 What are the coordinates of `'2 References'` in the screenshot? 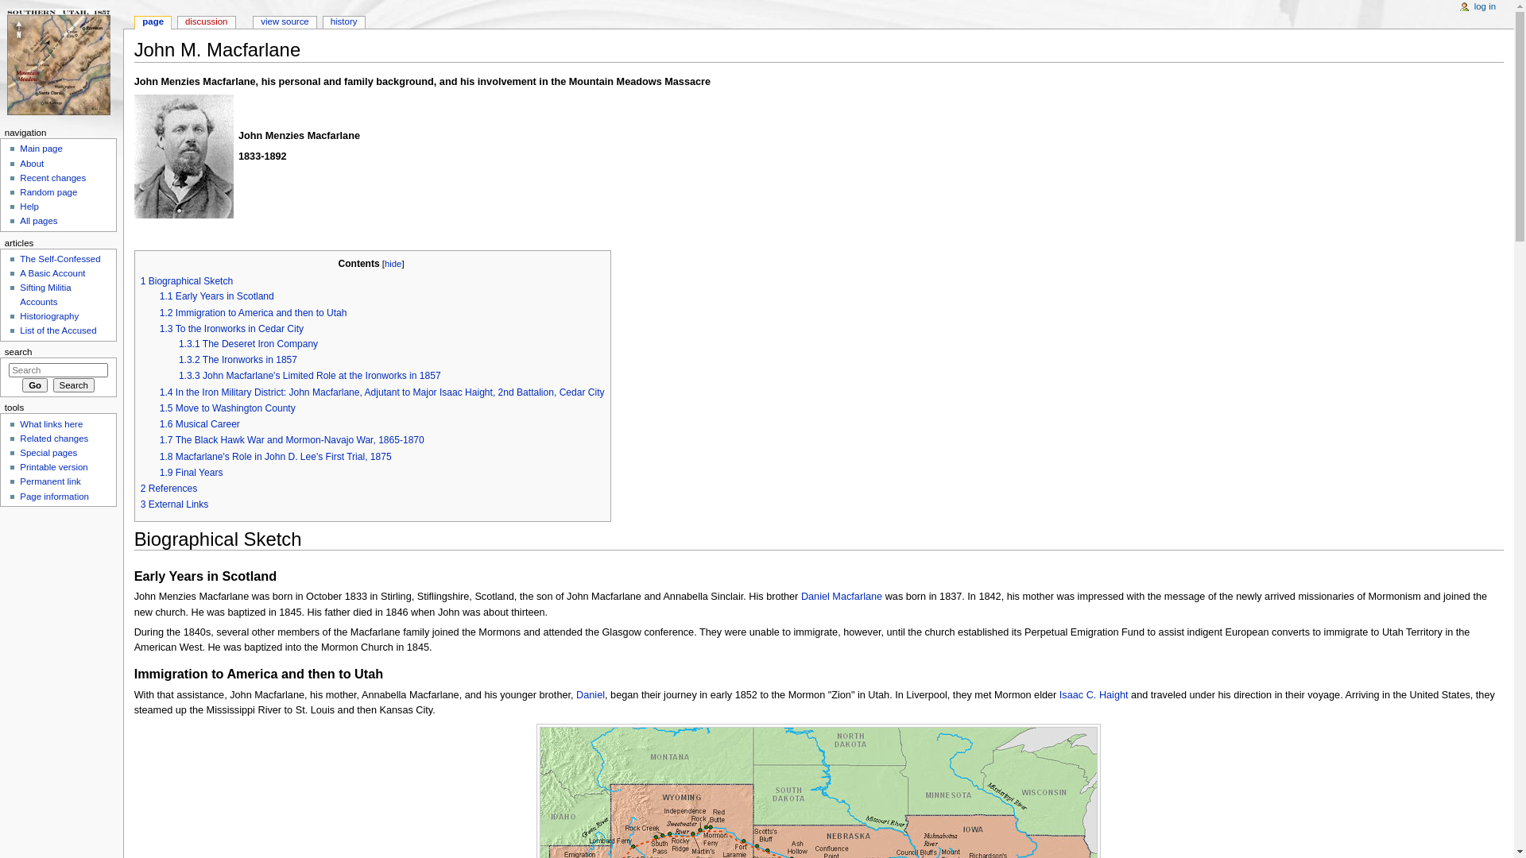 It's located at (168, 487).